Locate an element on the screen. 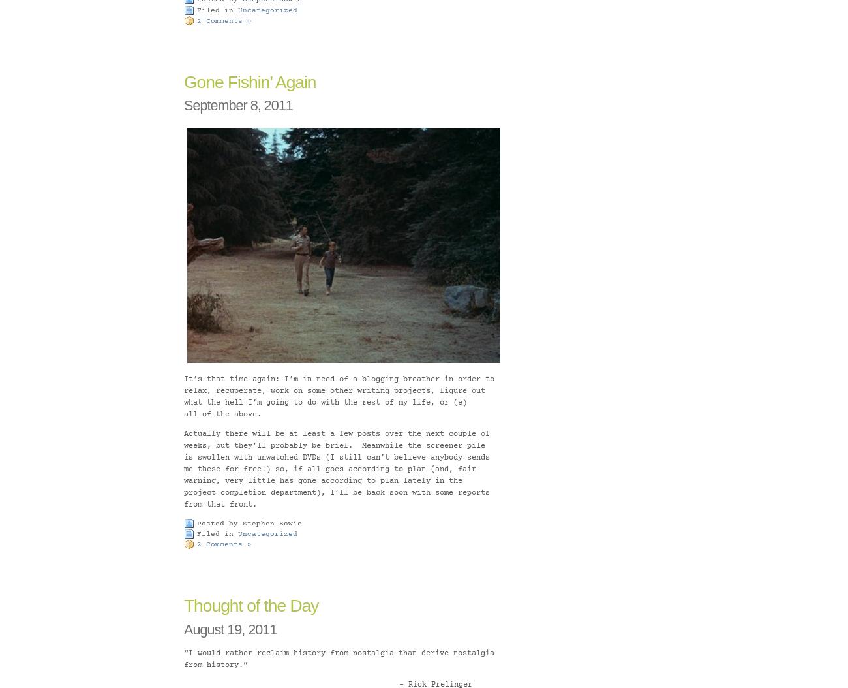 The width and height of the screenshot is (848, 688). 'Thought of the Day' is located at coordinates (251, 605).